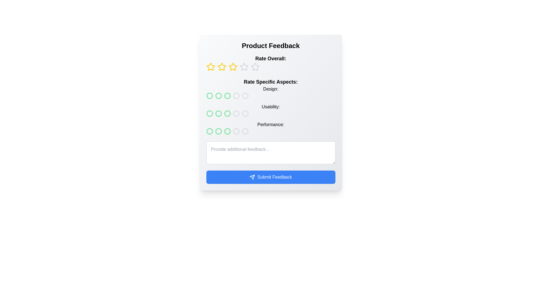  What do you see at coordinates (209, 113) in the screenshot?
I see `the first circular rating button in the second row of the 'Usability' rating category` at bounding box center [209, 113].